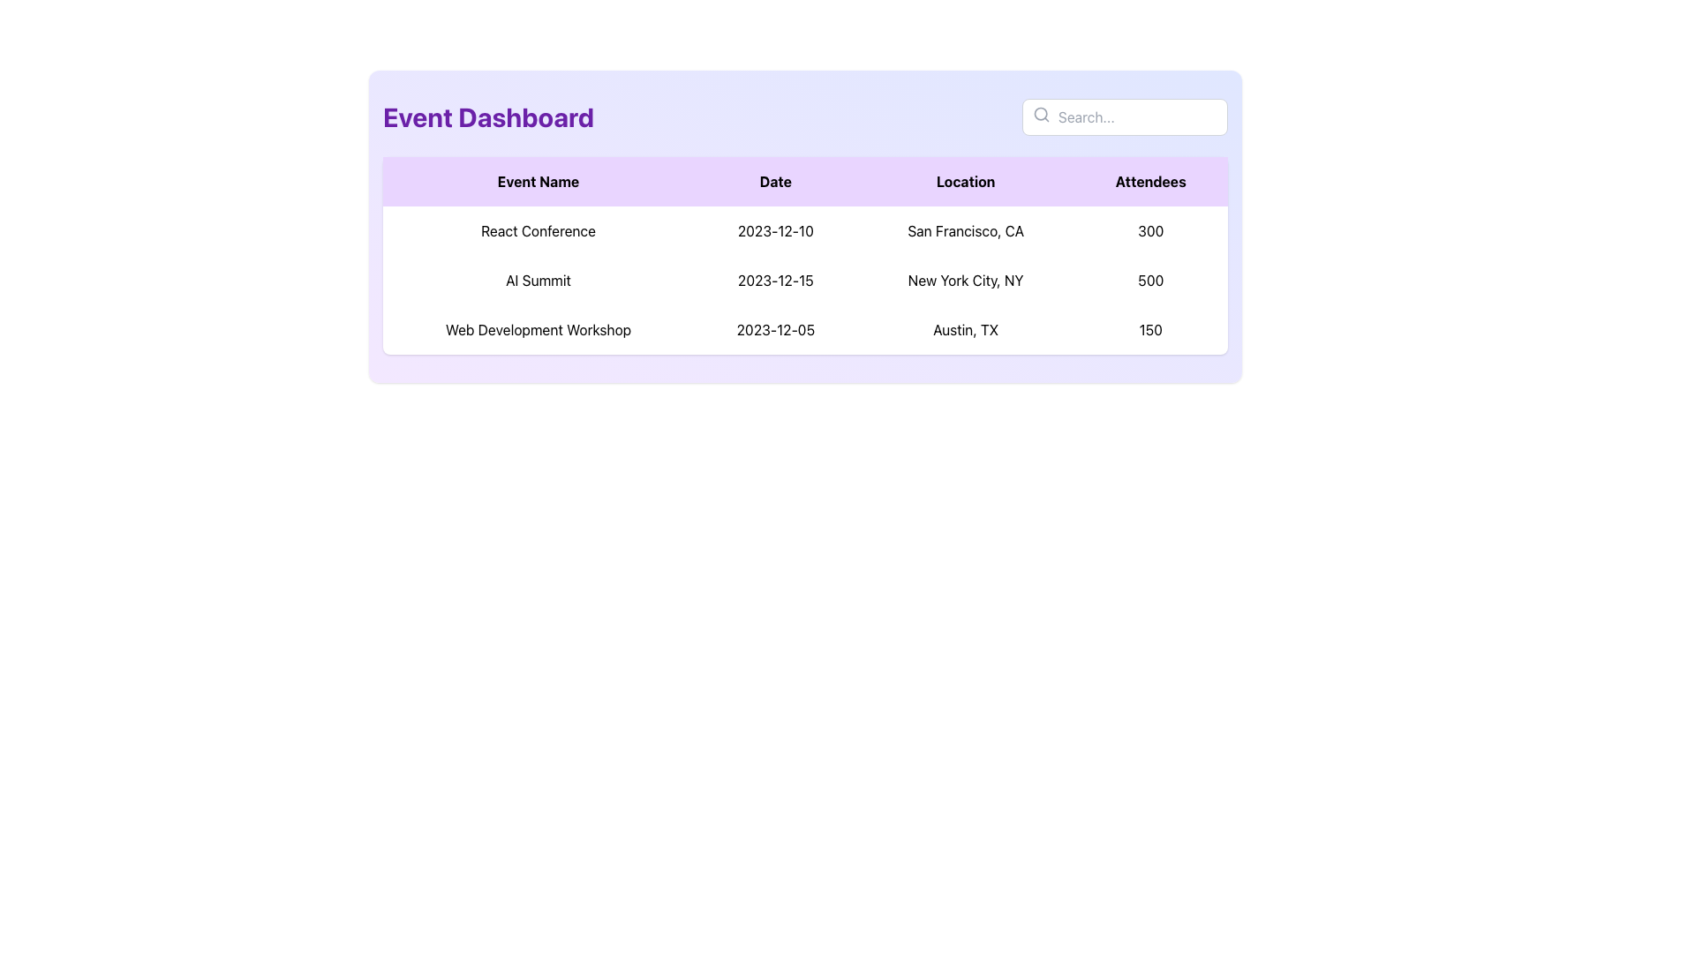 The width and height of the screenshot is (1695, 953). Describe the element at coordinates (804, 330) in the screenshot. I see `the third row of the event table displaying details for the 'Web Development Workshop' event` at that location.